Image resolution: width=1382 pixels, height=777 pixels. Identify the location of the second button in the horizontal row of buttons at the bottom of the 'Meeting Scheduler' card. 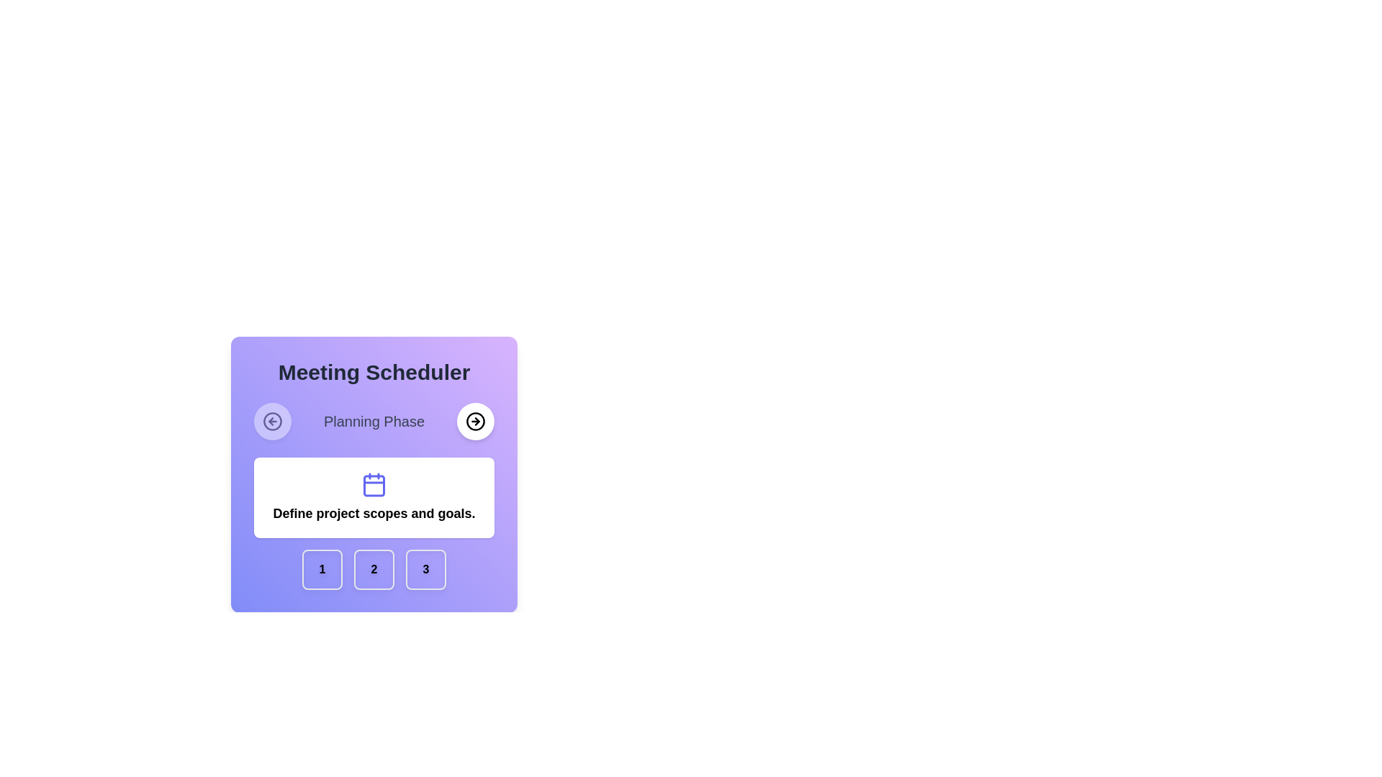
(374, 568).